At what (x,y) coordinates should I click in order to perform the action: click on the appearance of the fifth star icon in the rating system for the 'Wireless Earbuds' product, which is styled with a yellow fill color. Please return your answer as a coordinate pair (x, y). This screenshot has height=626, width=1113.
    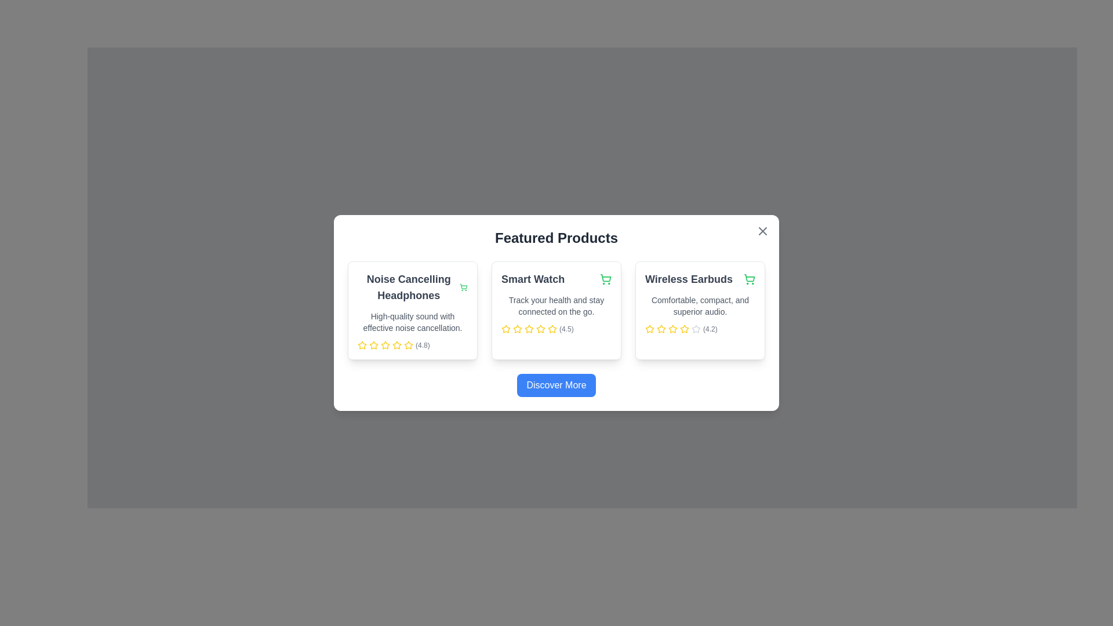
    Looking at the image, I should click on (684, 329).